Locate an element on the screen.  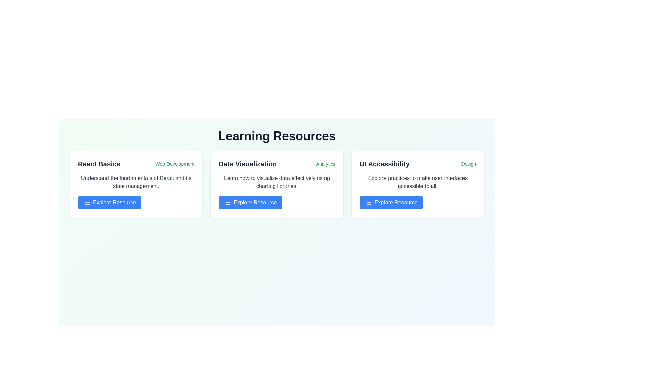
the text label 'Data Visualization', which is styled in bold and slightly larger font, located in the central card of a three-card layout, positioned at the top center of the card's content area is located at coordinates (247, 164).